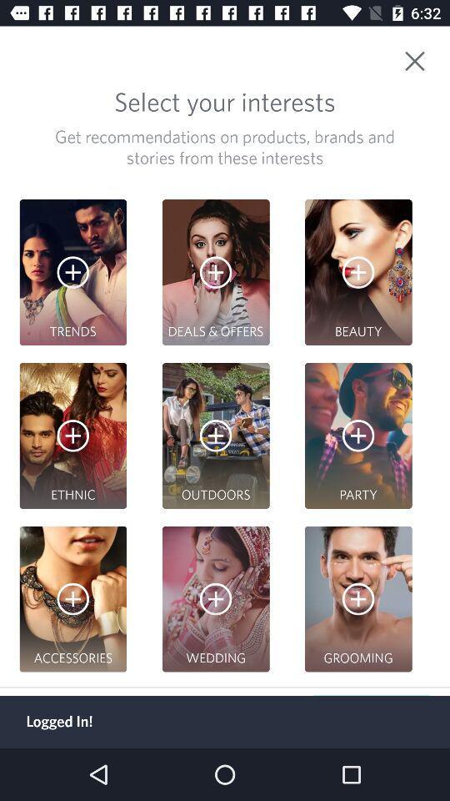 The image size is (450, 801). I want to click on the close icon, so click(423, 55).